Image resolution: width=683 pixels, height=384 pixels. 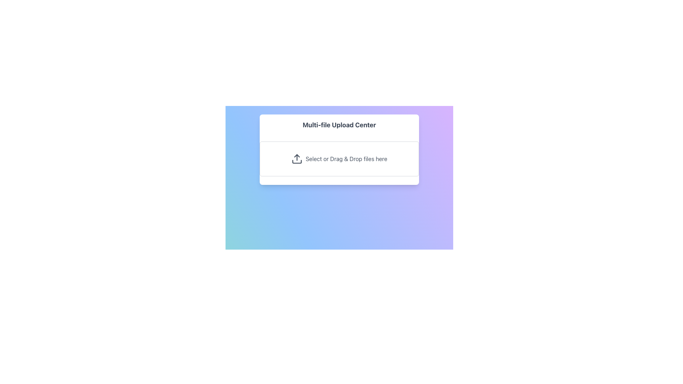 What do you see at coordinates (339, 149) in the screenshot?
I see `the 'Multi-file Upload Center' area` at bounding box center [339, 149].